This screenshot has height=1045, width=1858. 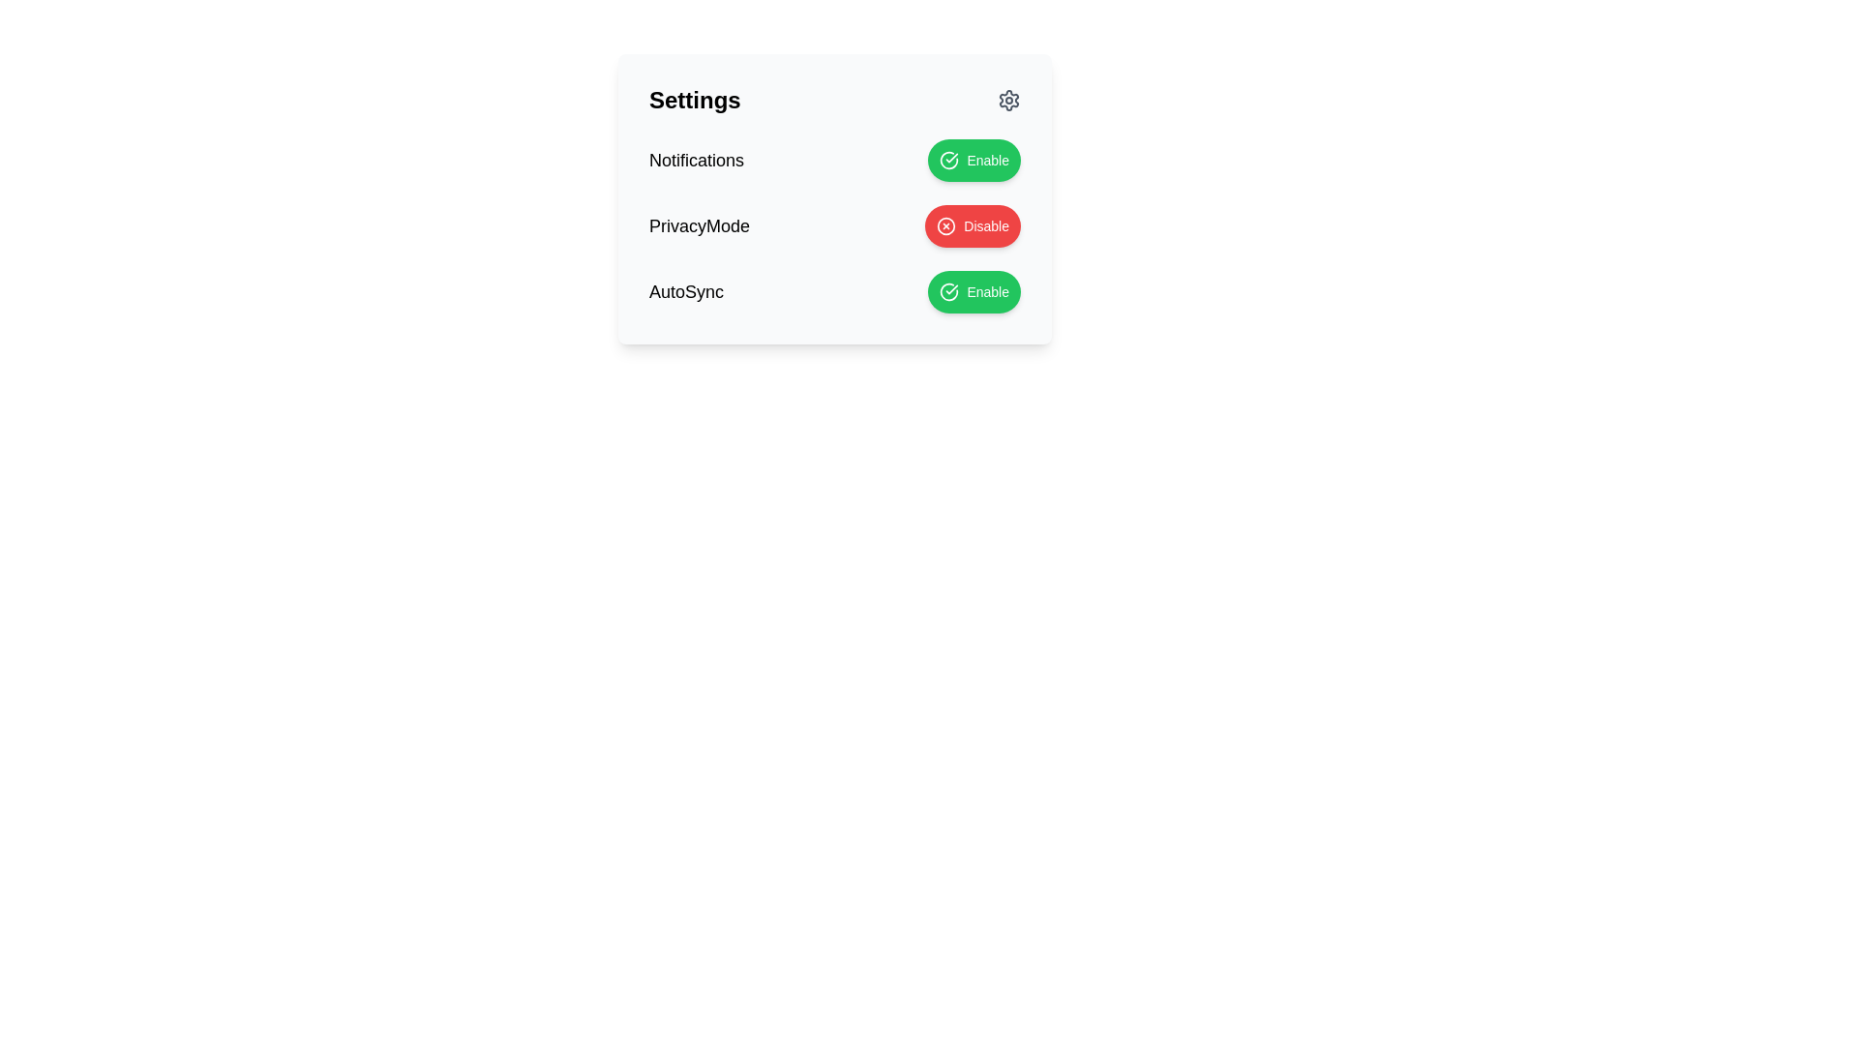 What do you see at coordinates (1007, 101) in the screenshot?
I see `the gear-shaped icon associated with settings functions located at the top right corner of the settings panel` at bounding box center [1007, 101].